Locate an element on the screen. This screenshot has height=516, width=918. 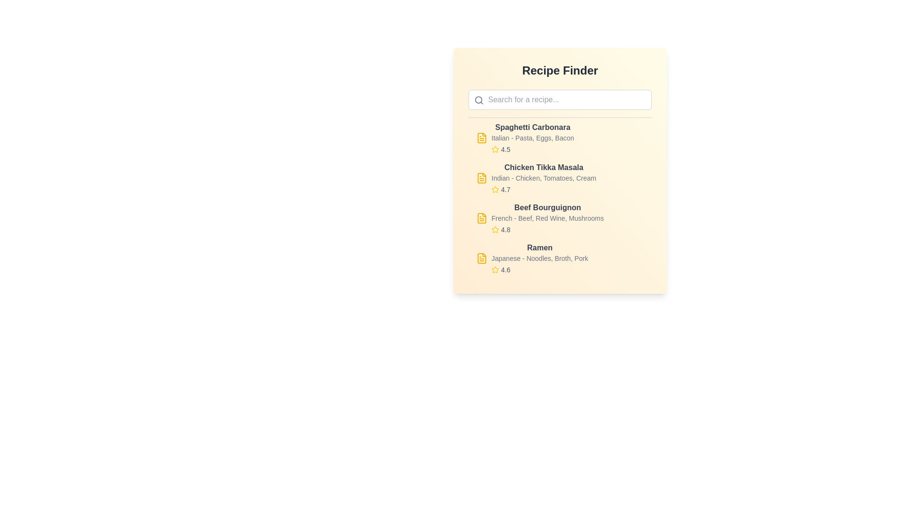
the search icon located at the leftmost side of the search input field, which visually indicates the purpose of the input field is located at coordinates (479, 100).